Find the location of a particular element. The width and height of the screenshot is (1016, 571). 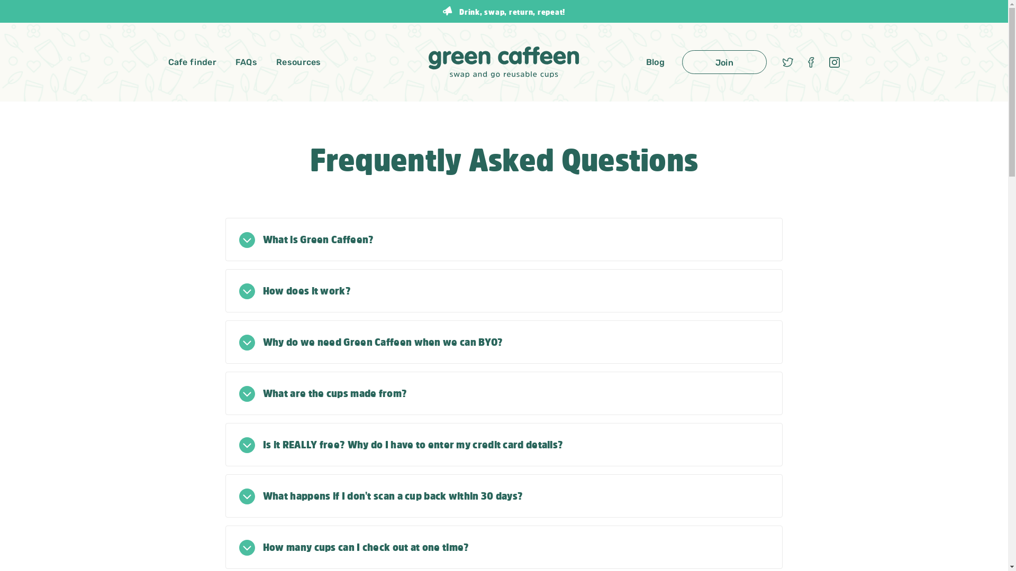

'Join' is located at coordinates (723, 62).